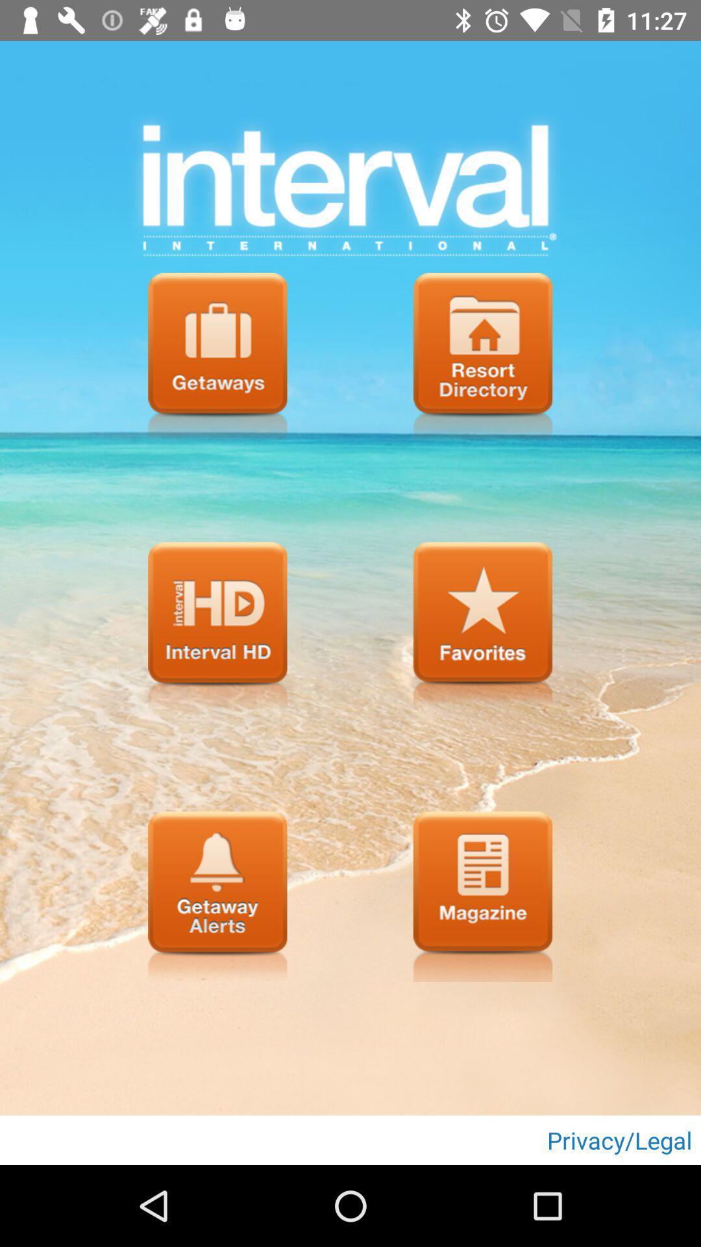 The image size is (701, 1247). I want to click on setting page, so click(217, 358).